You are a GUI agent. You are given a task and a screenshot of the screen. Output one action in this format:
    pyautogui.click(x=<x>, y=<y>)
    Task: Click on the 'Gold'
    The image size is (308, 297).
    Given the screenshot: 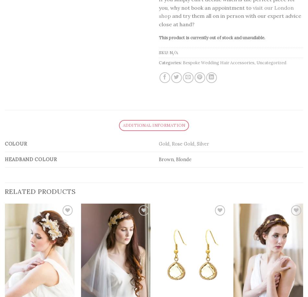 What is the action you would take?
    pyautogui.click(x=159, y=143)
    